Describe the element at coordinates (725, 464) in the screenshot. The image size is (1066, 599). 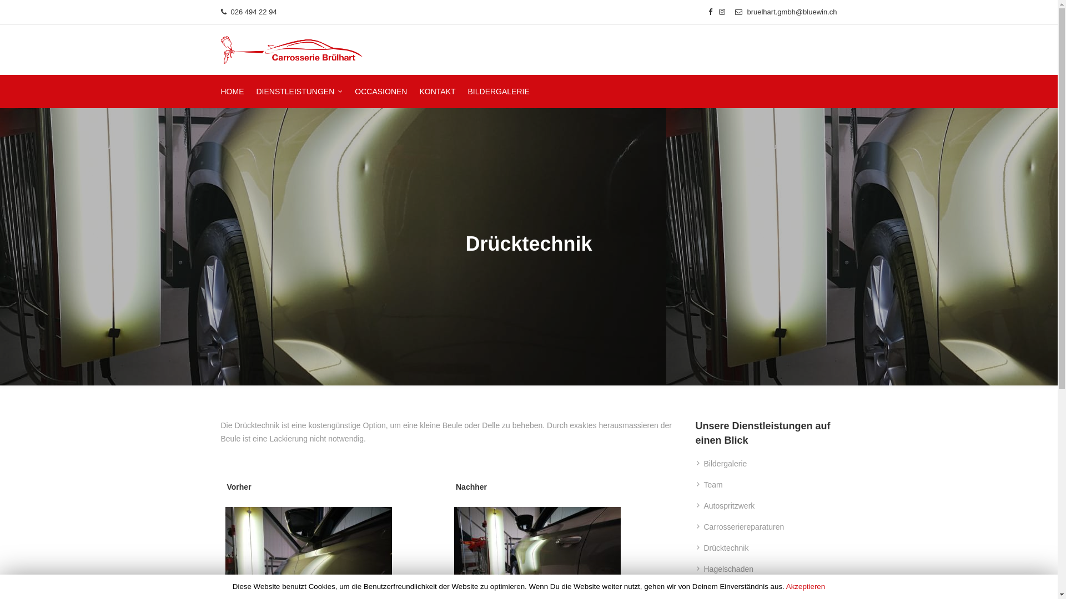
I see `'Bildergalerie'` at that location.